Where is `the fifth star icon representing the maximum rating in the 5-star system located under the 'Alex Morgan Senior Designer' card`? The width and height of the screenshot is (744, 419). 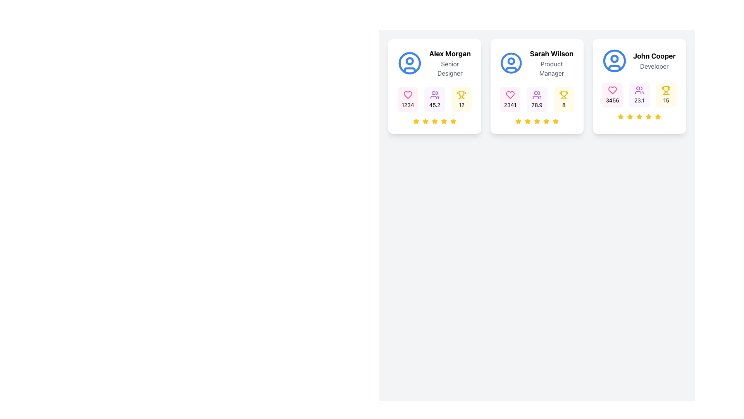
the fifth star icon representing the maximum rating in the 5-star system located under the 'Alex Morgan Senior Designer' card is located at coordinates (453, 121).